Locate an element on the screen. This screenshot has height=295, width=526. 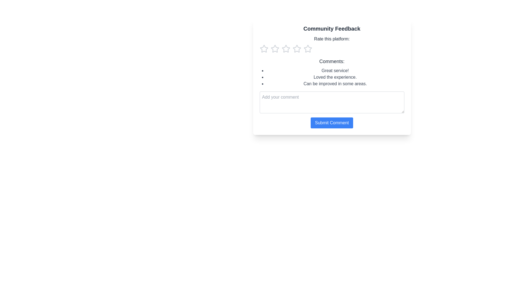
the static text element that says 'Loved the experience.' which is the second item in the bullet point list under the comments section is located at coordinates (335, 77).